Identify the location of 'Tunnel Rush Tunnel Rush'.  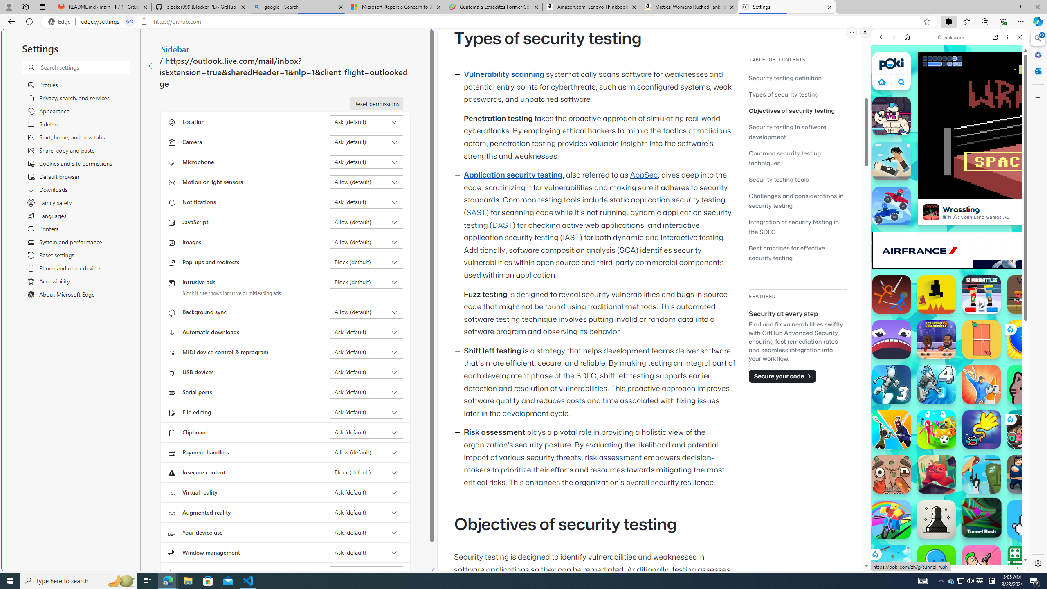
(982, 517).